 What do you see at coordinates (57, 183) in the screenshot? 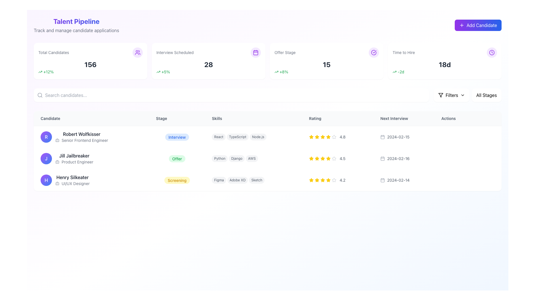
I see `the vertical line or bar within the SVG graphic that is part of the briefcase icon, located adjacent to the text 'Henry Silkeater'` at bounding box center [57, 183].